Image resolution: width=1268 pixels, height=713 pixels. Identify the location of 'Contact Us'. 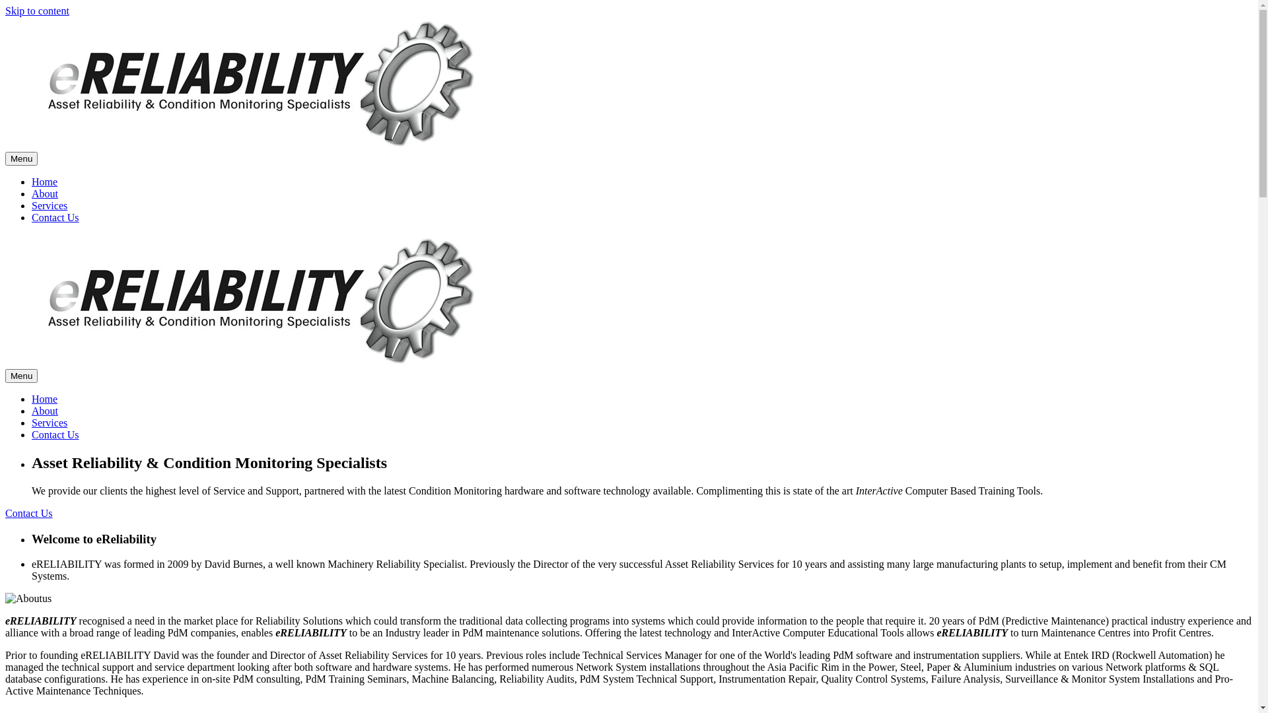
(54, 434).